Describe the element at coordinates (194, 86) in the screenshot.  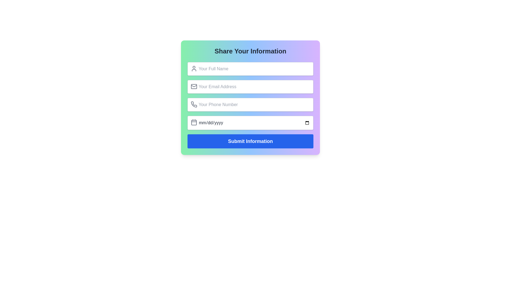
I see `the decorative icon indicating the semantic association with the email input field in the 'Share Your Information' form, positioned to the left of 'Your Email Address'` at that location.